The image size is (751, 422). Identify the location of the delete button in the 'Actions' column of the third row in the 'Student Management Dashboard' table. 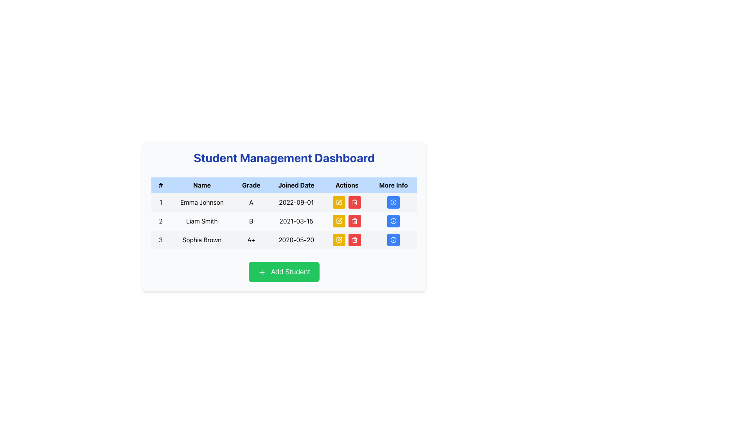
(354, 202).